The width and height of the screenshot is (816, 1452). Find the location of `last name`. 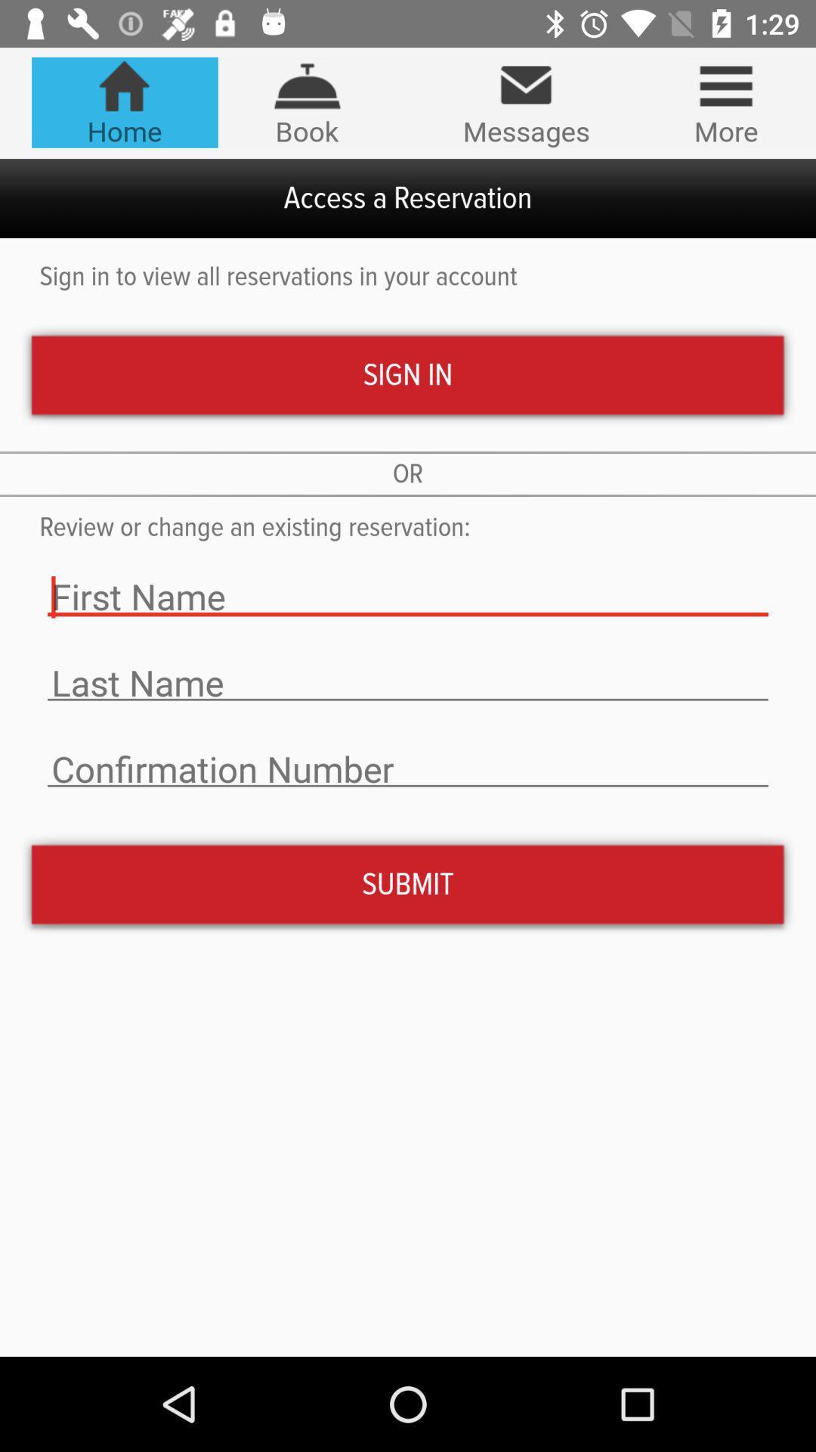

last name is located at coordinates (408, 682).